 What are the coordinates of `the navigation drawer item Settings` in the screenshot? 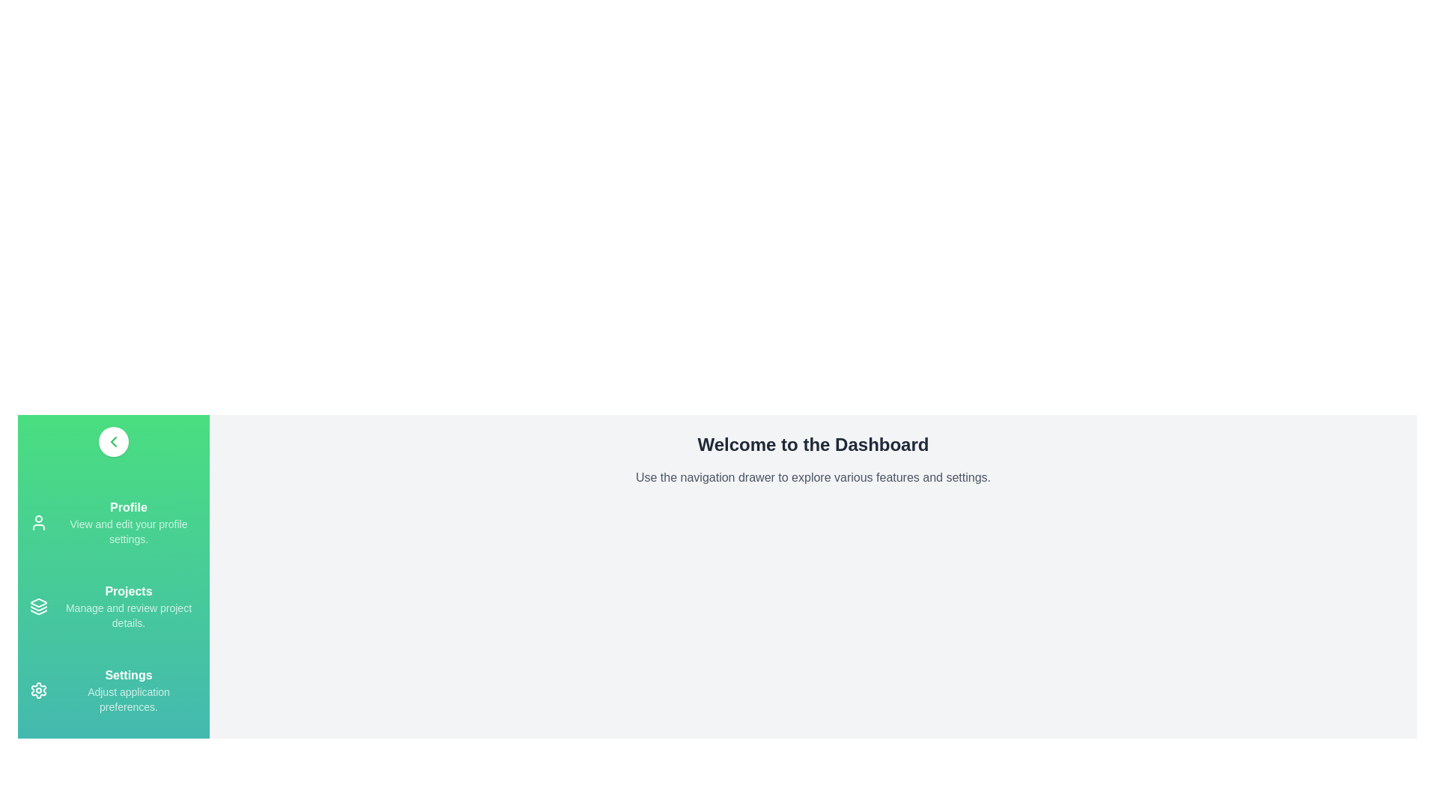 It's located at (39, 690).